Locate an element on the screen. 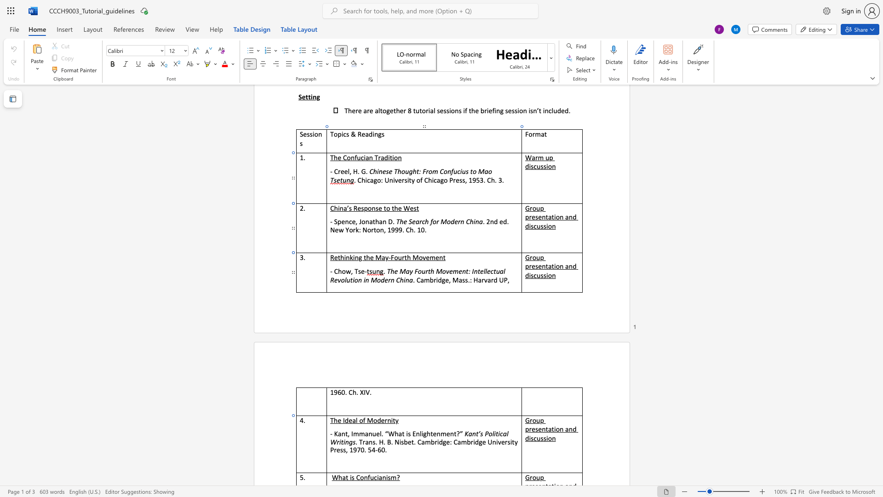  the 1th character "l" in the text is located at coordinates (356, 420).